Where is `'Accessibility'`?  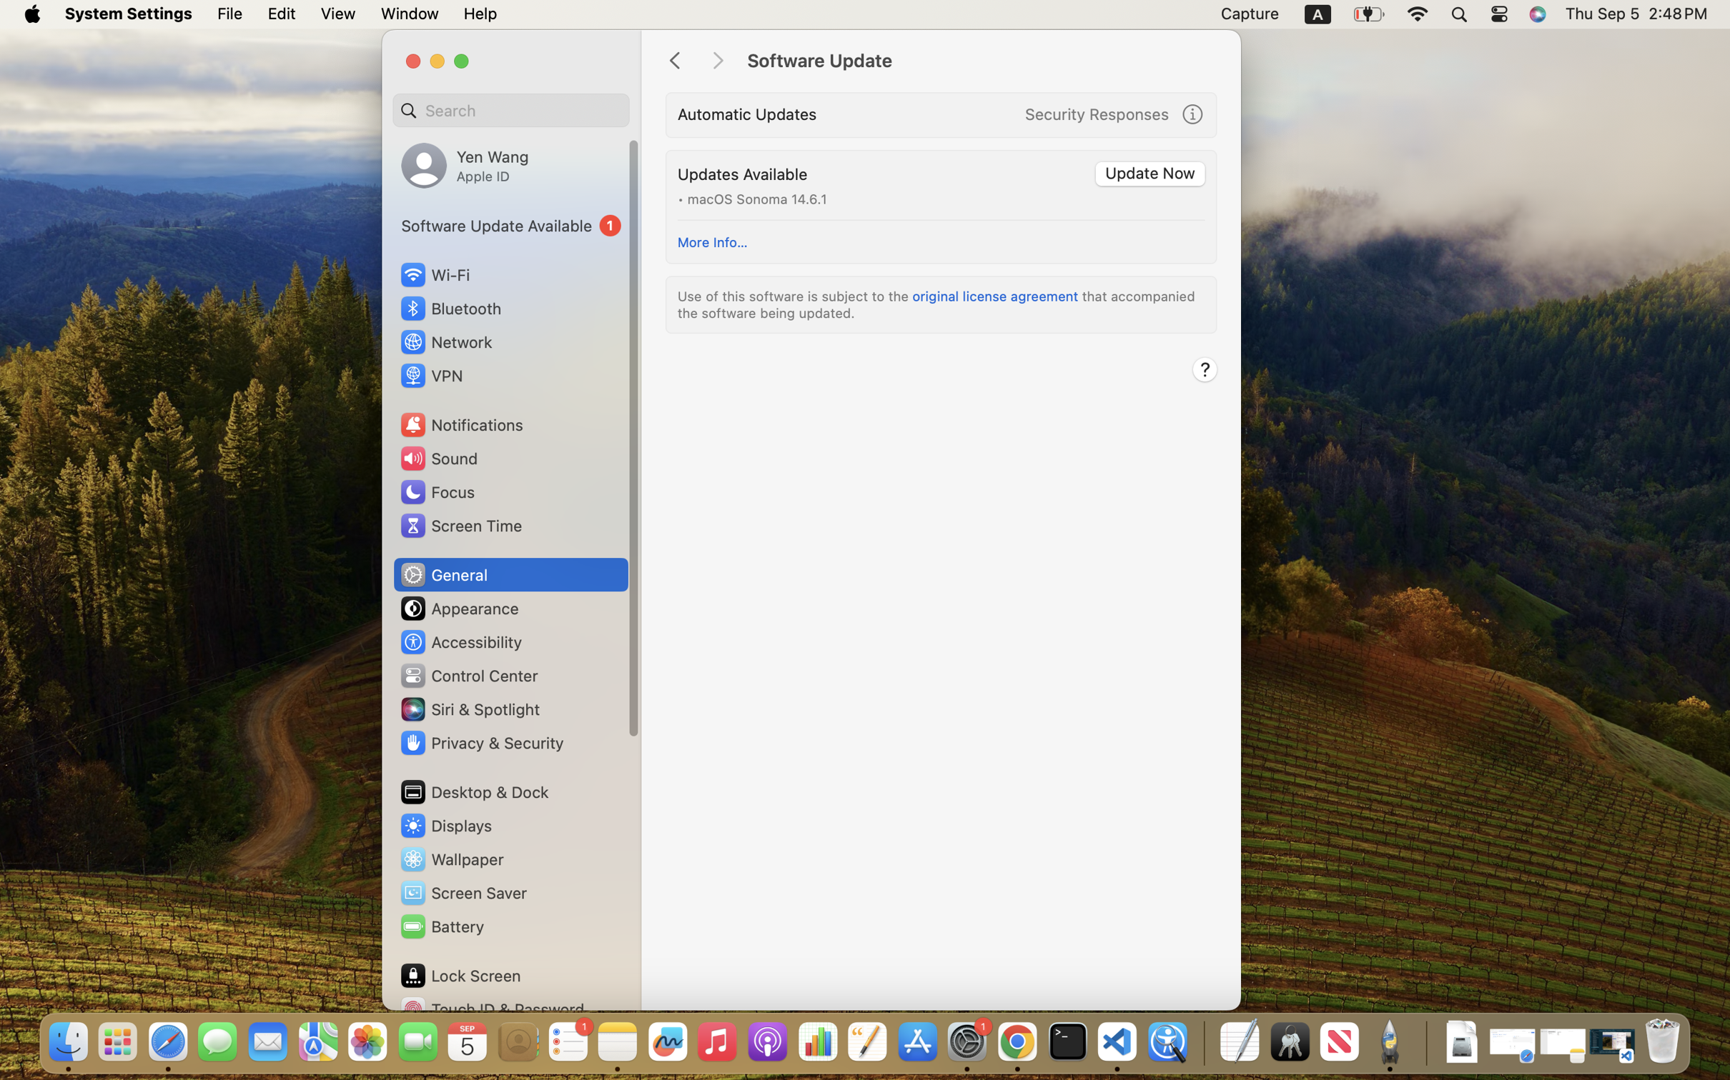 'Accessibility' is located at coordinates (460, 641).